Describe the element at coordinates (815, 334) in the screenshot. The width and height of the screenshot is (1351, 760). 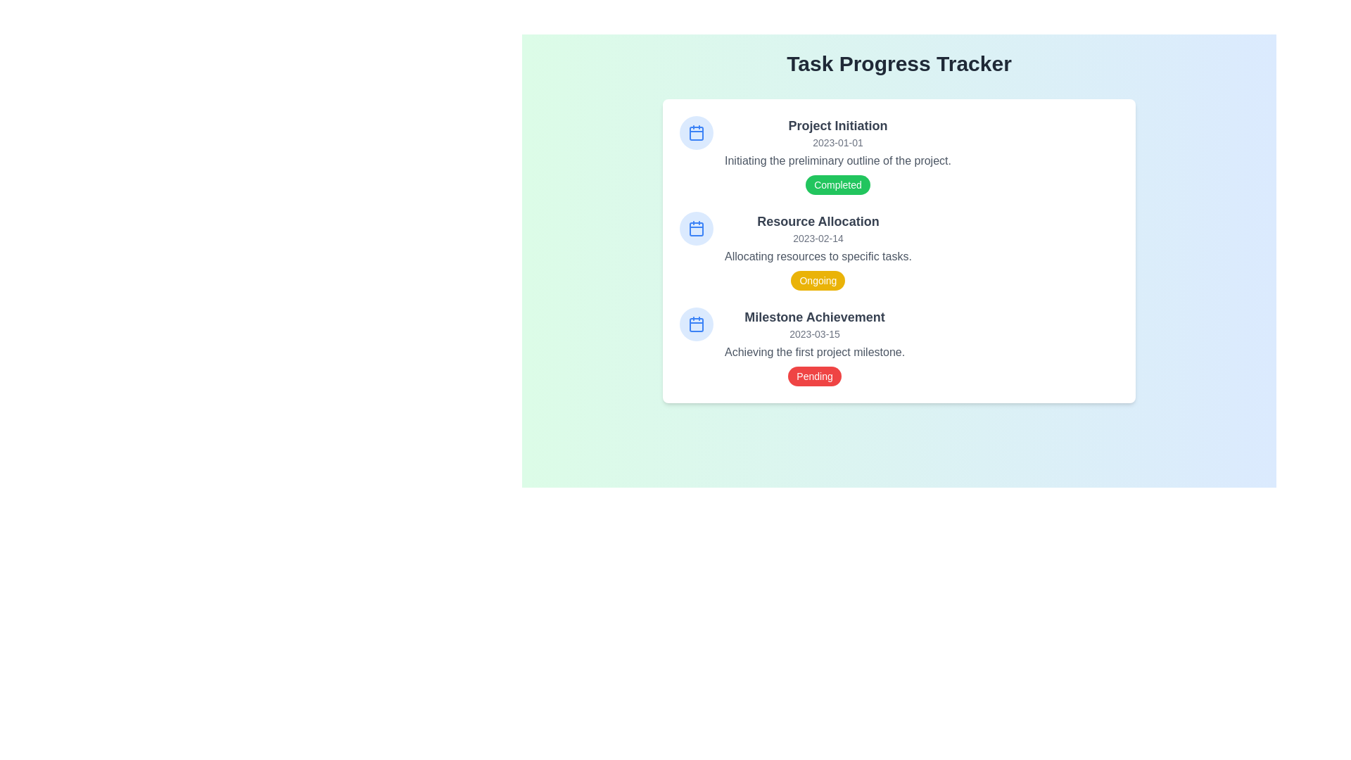
I see `the static text label displaying the date '2023-03-15' located in the 'Milestone Achievement' section, positioned beneath the title and above the milestone description` at that location.